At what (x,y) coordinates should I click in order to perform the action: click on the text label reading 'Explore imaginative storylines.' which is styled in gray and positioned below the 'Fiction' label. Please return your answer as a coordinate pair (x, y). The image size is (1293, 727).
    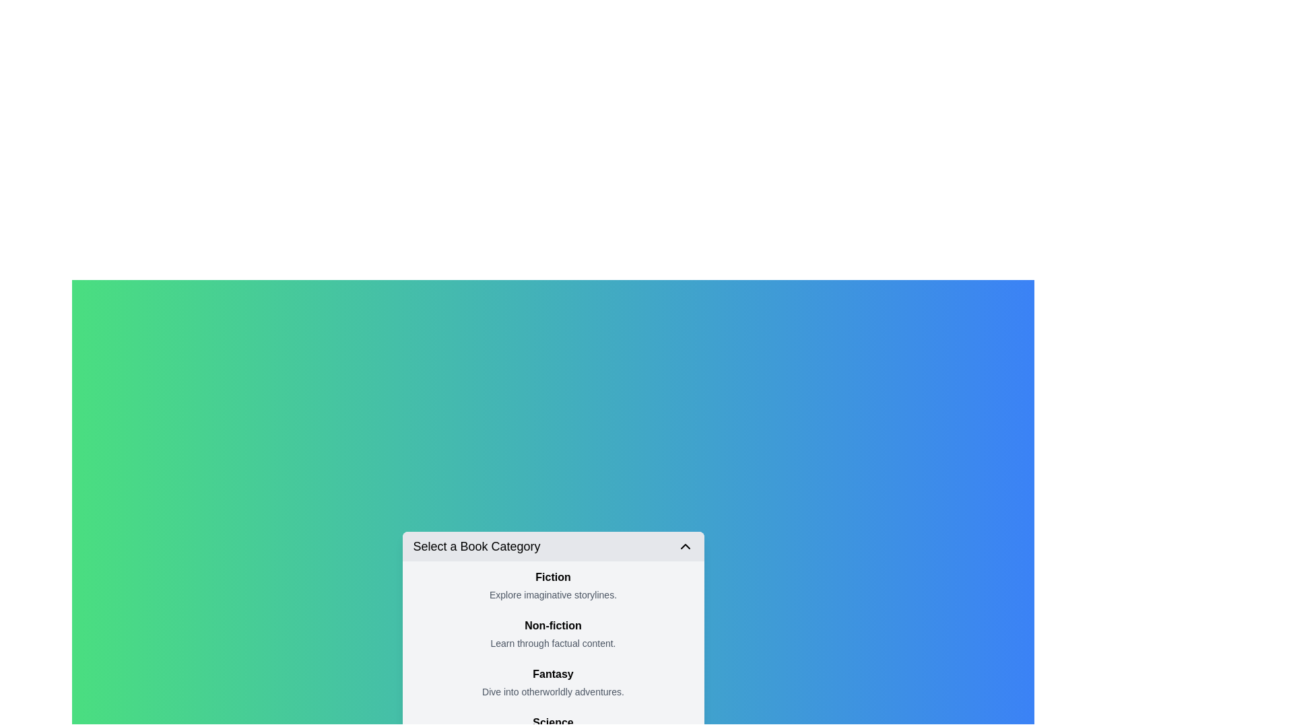
    Looking at the image, I should click on (553, 594).